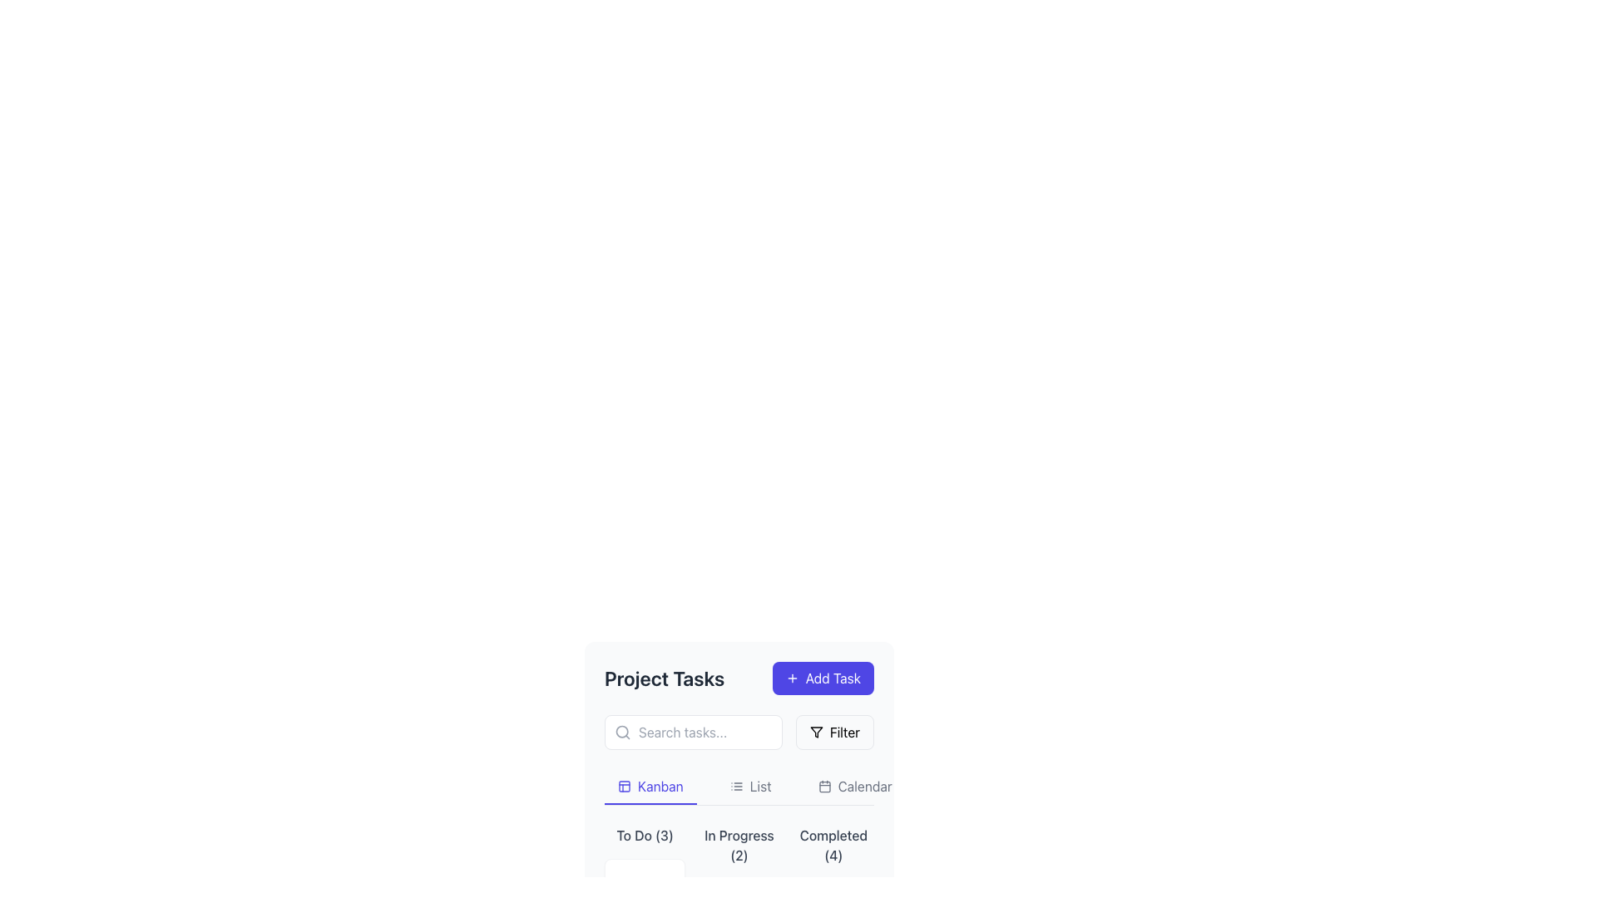  Describe the element at coordinates (816, 731) in the screenshot. I see `the SVG graphical element that represents part of the 'Filter' button's icon located in the top-right section of the 'Project Tasks' module` at that location.